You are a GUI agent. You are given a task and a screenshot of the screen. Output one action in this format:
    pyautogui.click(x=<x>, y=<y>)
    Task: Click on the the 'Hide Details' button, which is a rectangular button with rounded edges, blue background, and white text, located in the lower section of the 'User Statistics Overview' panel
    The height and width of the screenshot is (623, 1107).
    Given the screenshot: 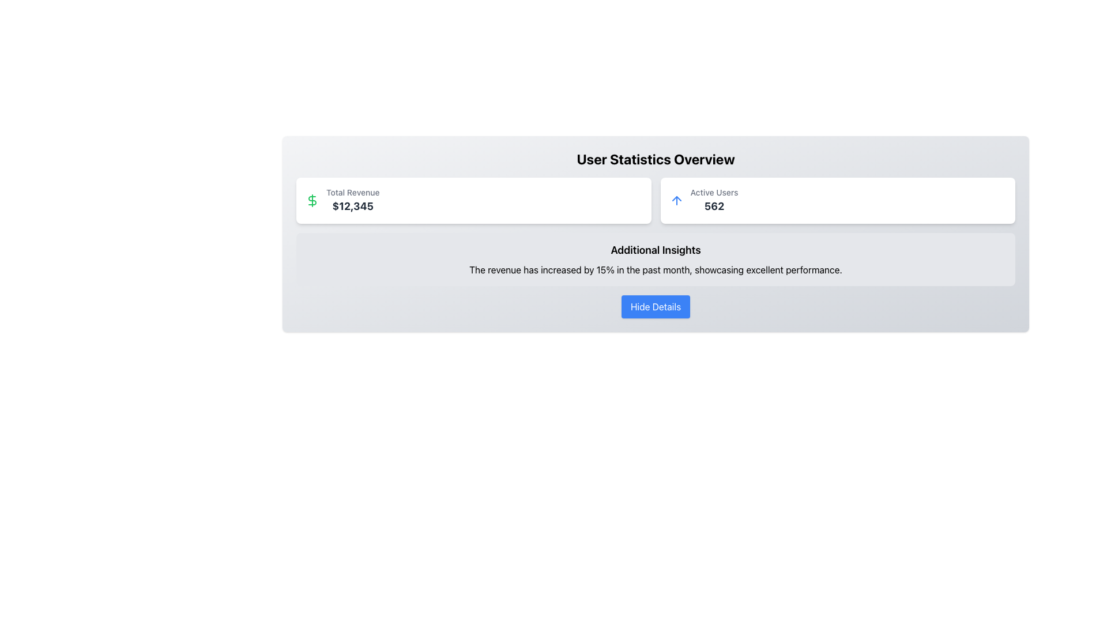 What is the action you would take?
    pyautogui.click(x=656, y=306)
    